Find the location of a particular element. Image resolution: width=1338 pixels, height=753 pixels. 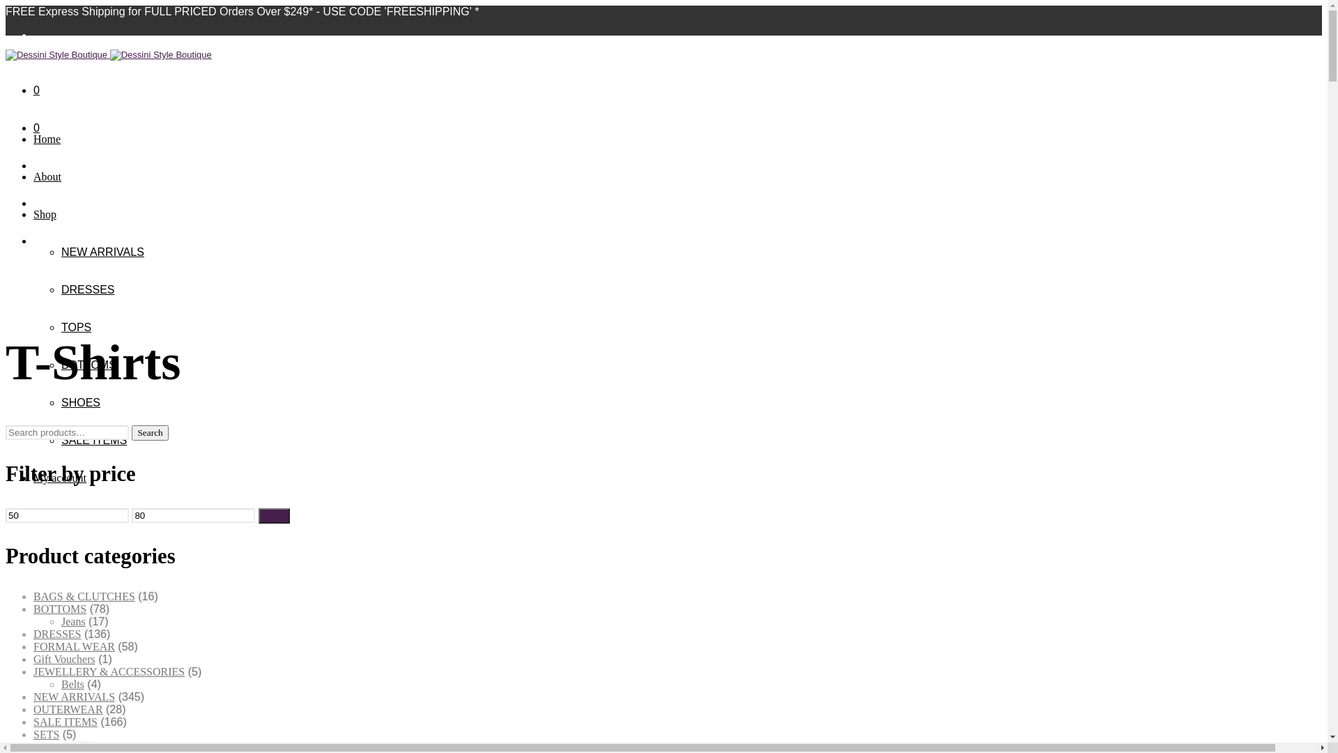

'FORMAL WEAR' is located at coordinates (73, 646).